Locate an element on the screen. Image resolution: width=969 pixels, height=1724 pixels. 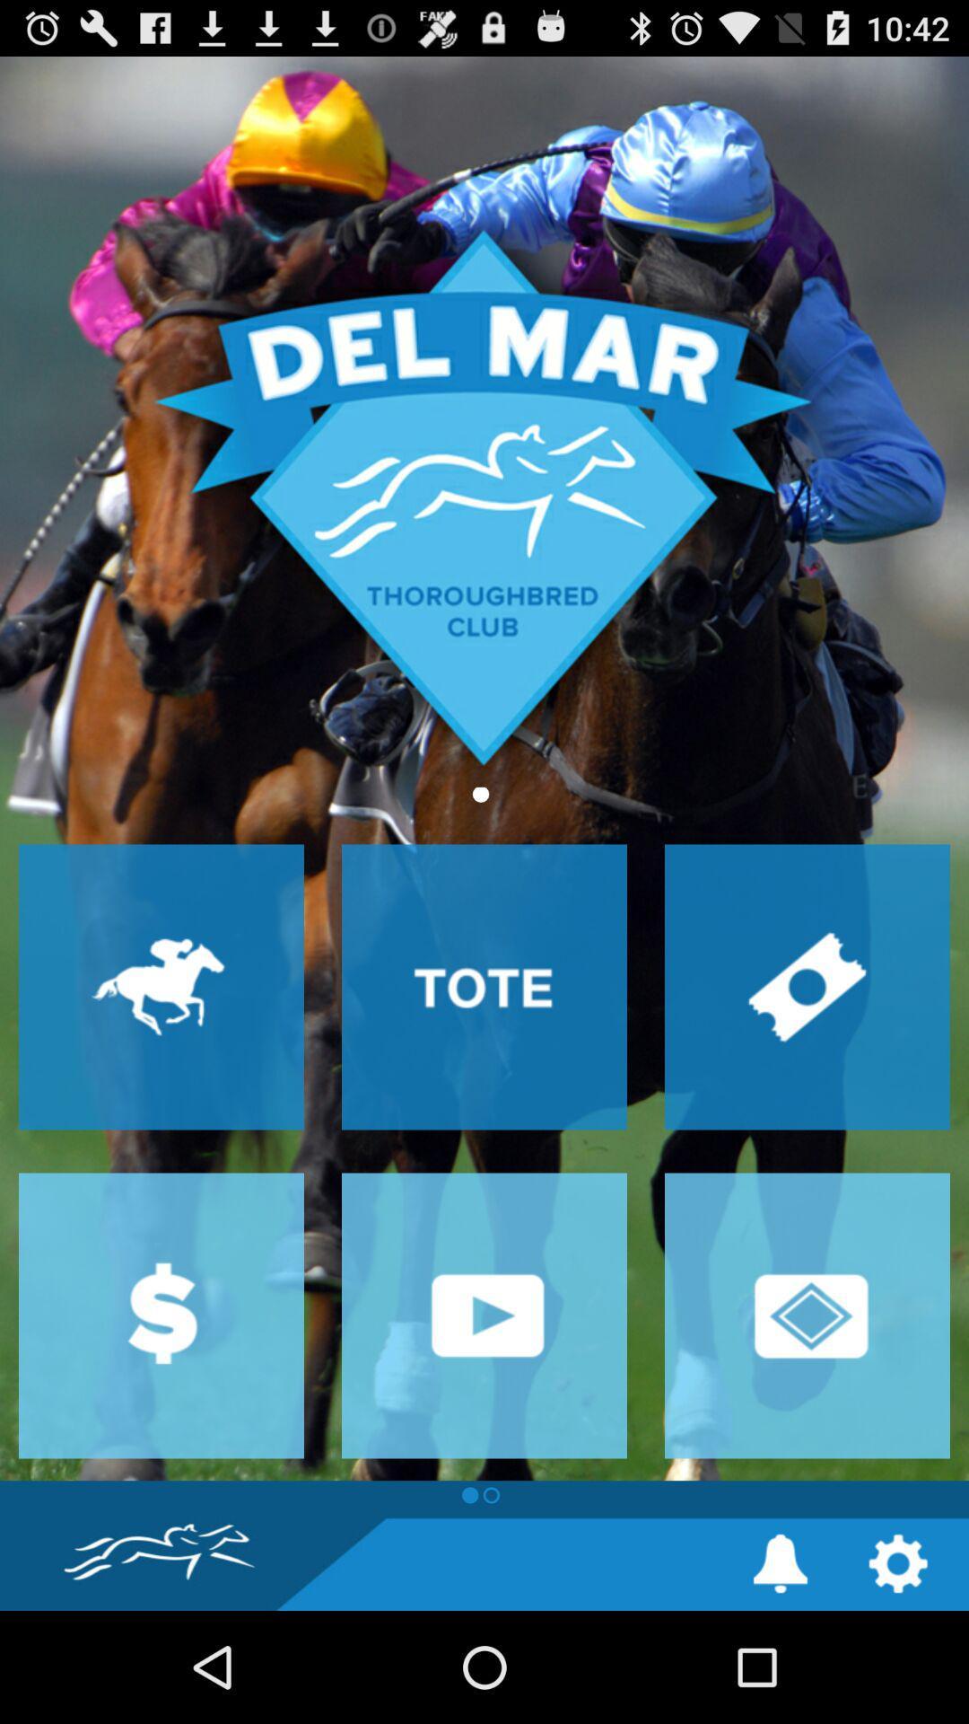
open notification options open alarm options is located at coordinates (780, 1562).